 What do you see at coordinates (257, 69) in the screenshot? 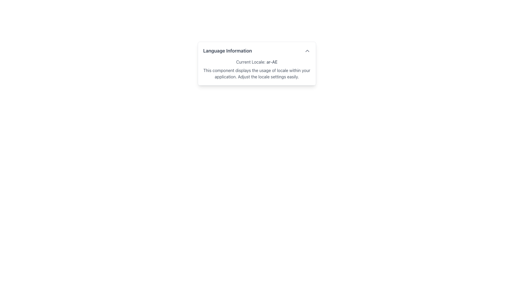
I see `the informational text block that presents details about the current locale ('ar-AE') within the 'Language Information' card, positioned below the card header` at bounding box center [257, 69].